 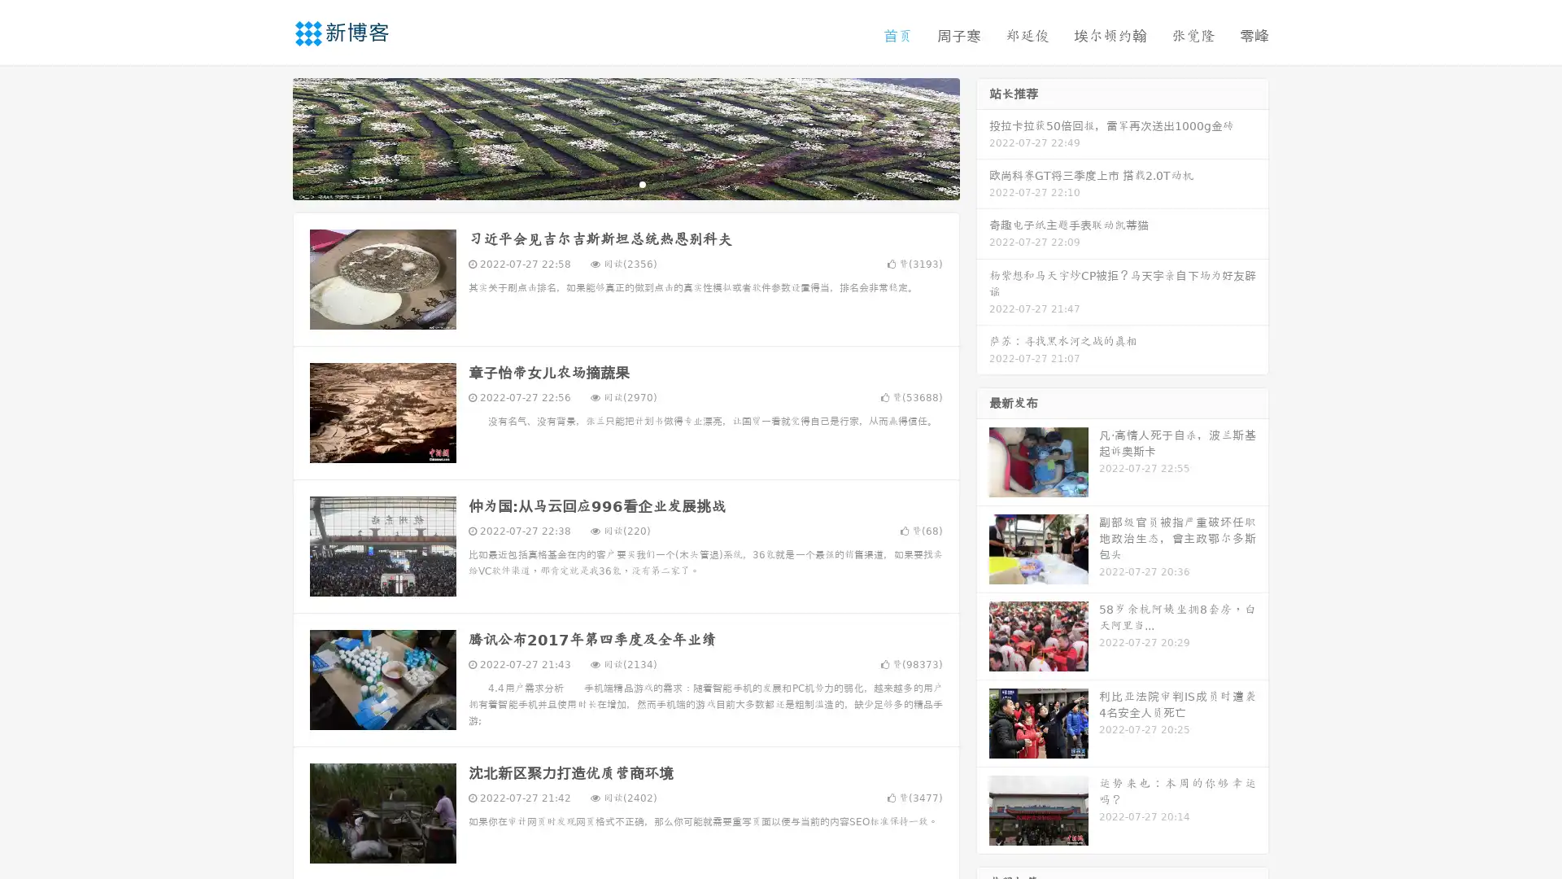 What do you see at coordinates (609, 183) in the screenshot?
I see `Go to slide 1` at bounding box center [609, 183].